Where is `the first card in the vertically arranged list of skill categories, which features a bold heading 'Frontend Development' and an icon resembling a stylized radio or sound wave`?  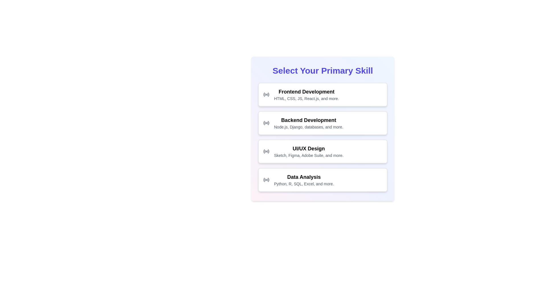 the first card in the vertically arranged list of skill categories, which features a bold heading 'Frontend Development' and an icon resembling a stylized radio or sound wave is located at coordinates (323, 94).